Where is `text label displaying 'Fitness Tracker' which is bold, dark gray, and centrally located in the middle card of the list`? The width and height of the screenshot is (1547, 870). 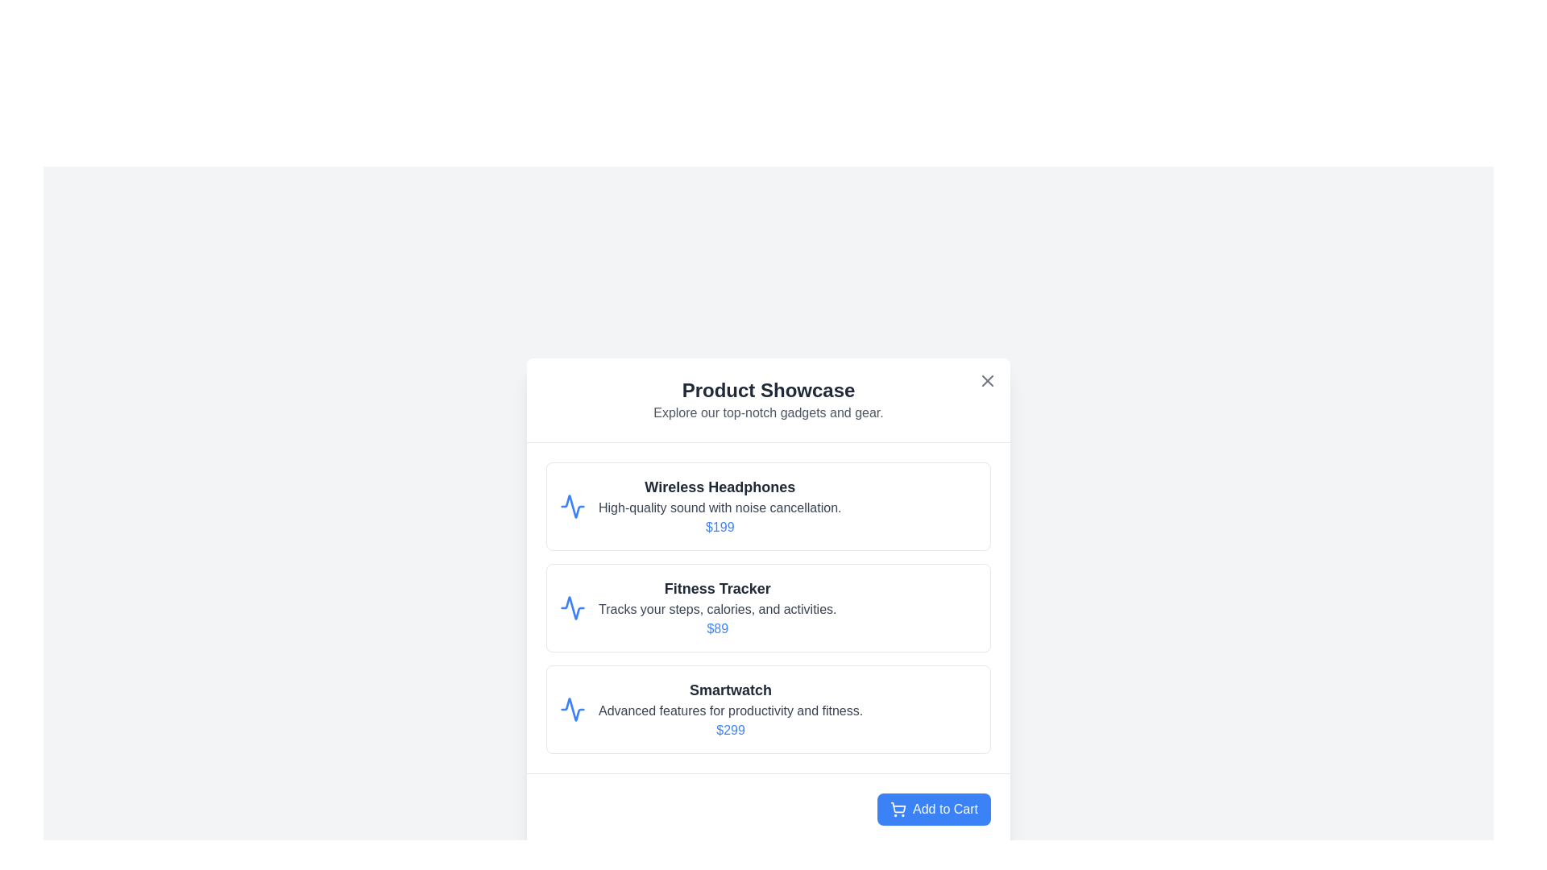 text label displaying 'Fitness Tracker' which is bold, dark gray, and centrally located in the middle card of the list is located at coordinates (716, 589).